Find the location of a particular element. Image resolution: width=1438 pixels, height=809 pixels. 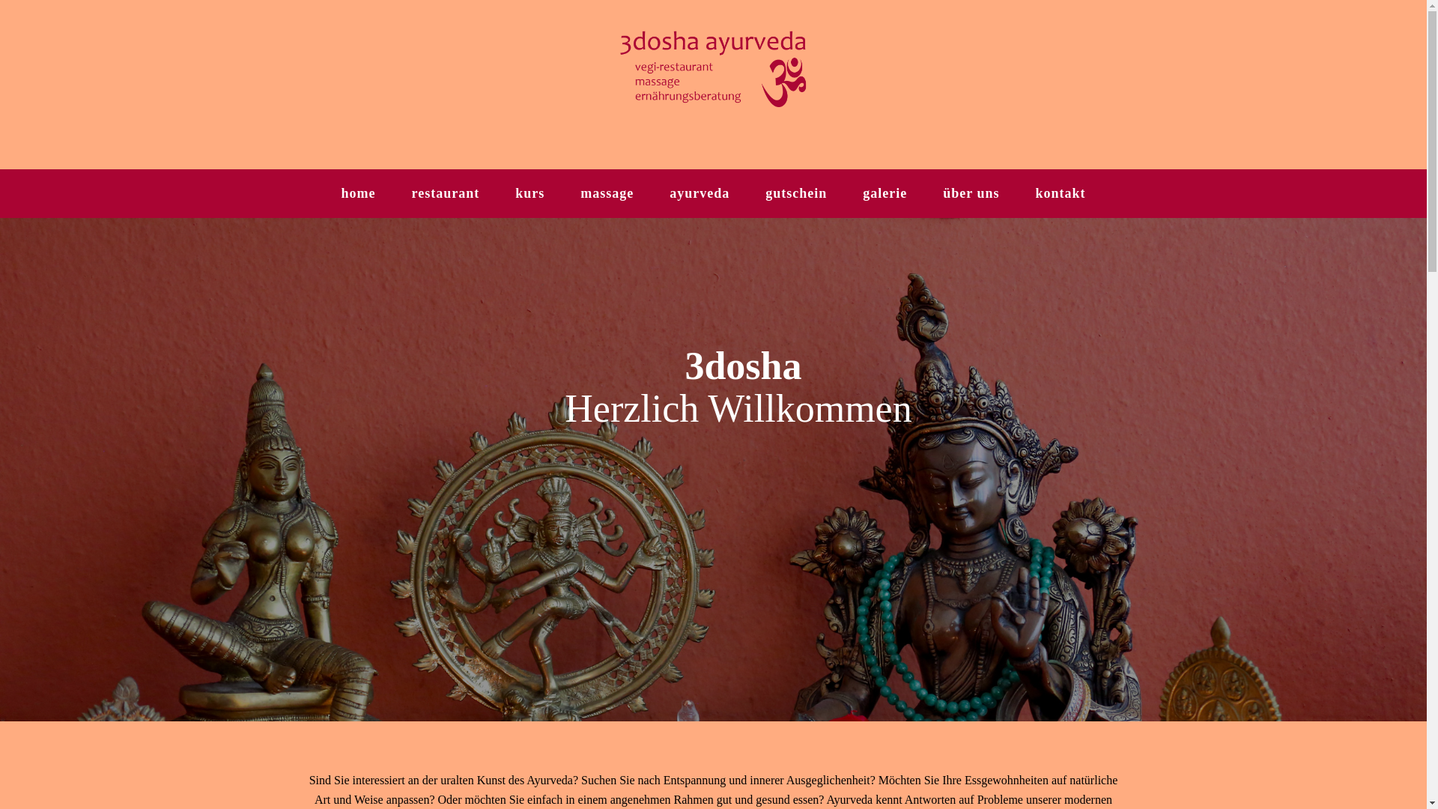

'home' is located at coordinates (358, 193).